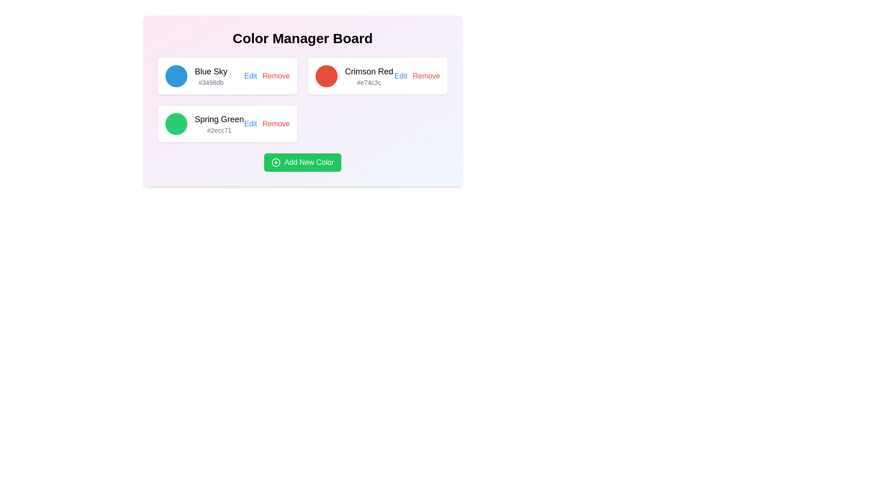  Describe the element at coordinates (401, 75) in the screenshot. I see `the 'Edit' link, which is styled in blue and underlined, positioned to the left of the 'Remove' label` at that location.